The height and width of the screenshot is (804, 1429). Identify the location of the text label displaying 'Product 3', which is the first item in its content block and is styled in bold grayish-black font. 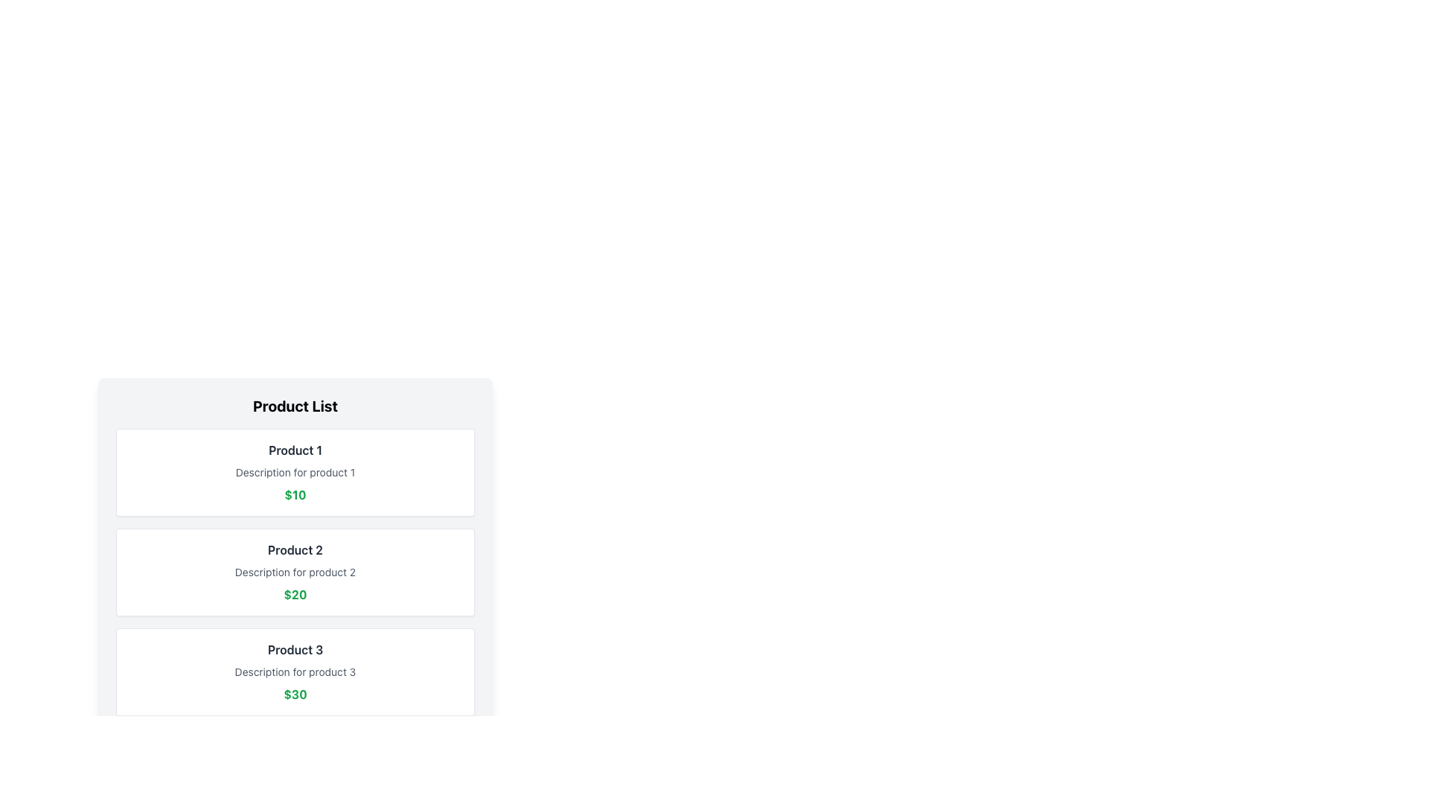
(295, 648).